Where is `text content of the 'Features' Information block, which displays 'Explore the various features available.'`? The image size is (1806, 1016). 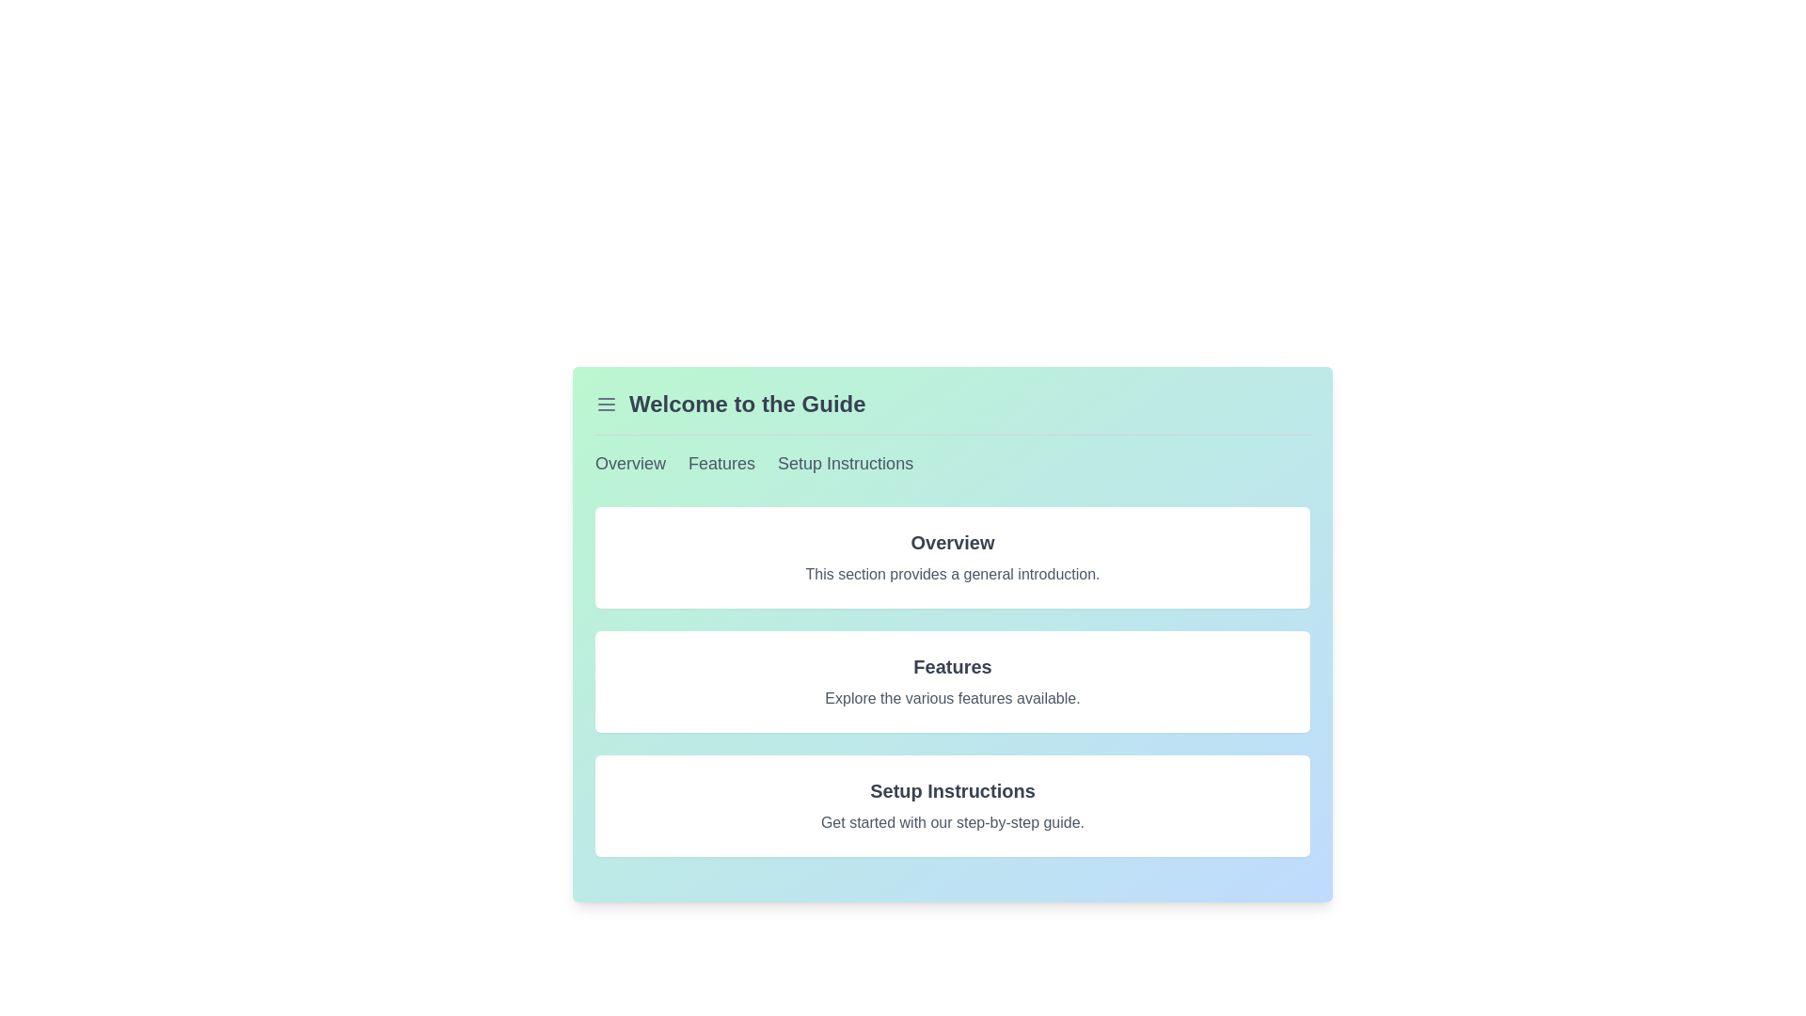
text content of the 'Features' Information block, which displays 'Explore the various features available.' is located at coordinates (952, 682).